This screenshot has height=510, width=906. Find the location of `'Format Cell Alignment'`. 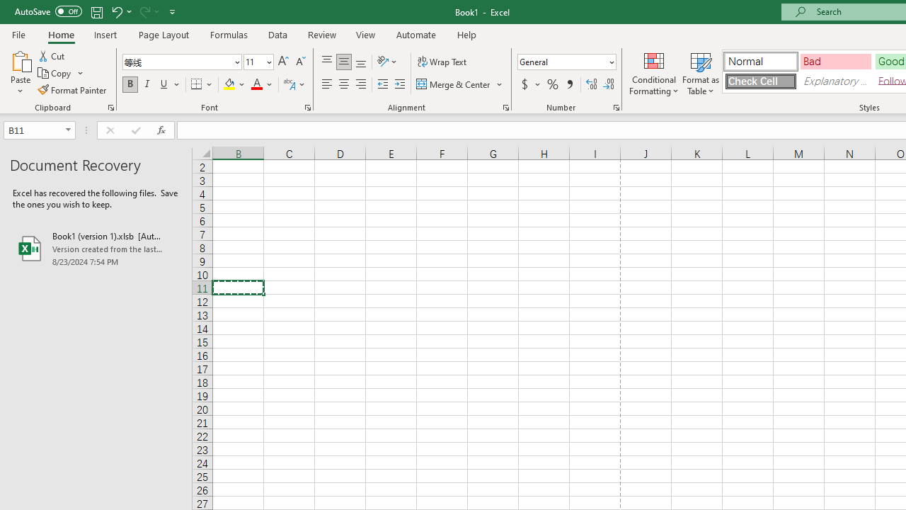

'Format Cell Alignment' is located at coordinates (505, 106).